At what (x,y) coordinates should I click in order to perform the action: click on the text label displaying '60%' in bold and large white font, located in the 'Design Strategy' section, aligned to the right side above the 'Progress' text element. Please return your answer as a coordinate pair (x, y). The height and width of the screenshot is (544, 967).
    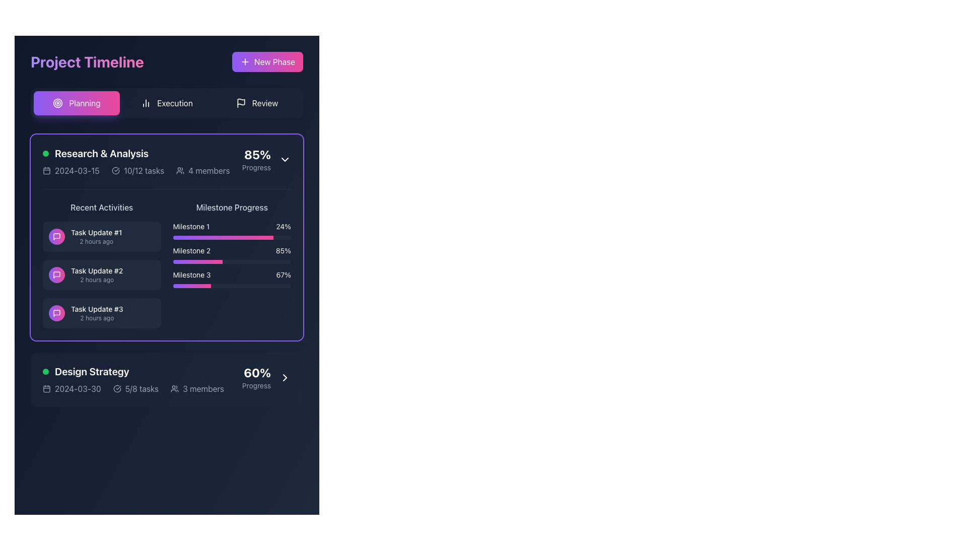
    Looking at the image, I should click on (257, 373).